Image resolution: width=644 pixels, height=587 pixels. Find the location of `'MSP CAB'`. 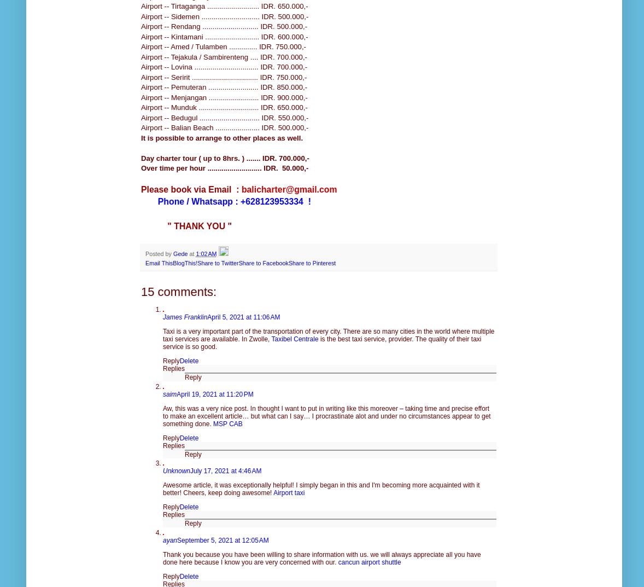

'MSP CAB' is located at coordinates (213, 422).